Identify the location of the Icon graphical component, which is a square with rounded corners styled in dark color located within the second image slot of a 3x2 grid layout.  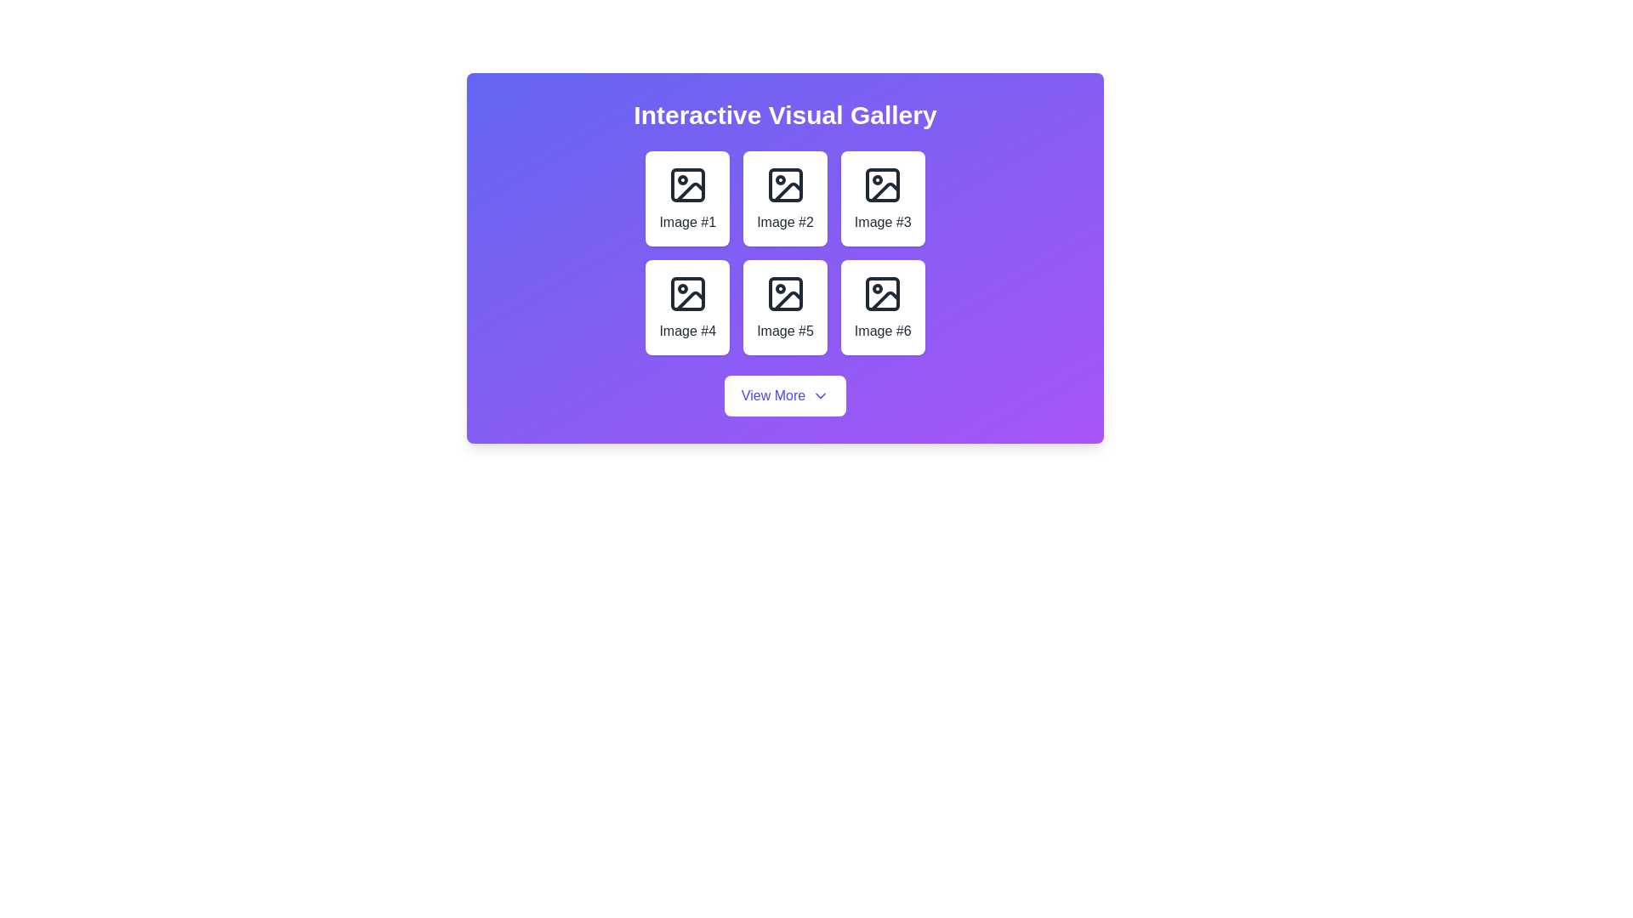
(784, 185).